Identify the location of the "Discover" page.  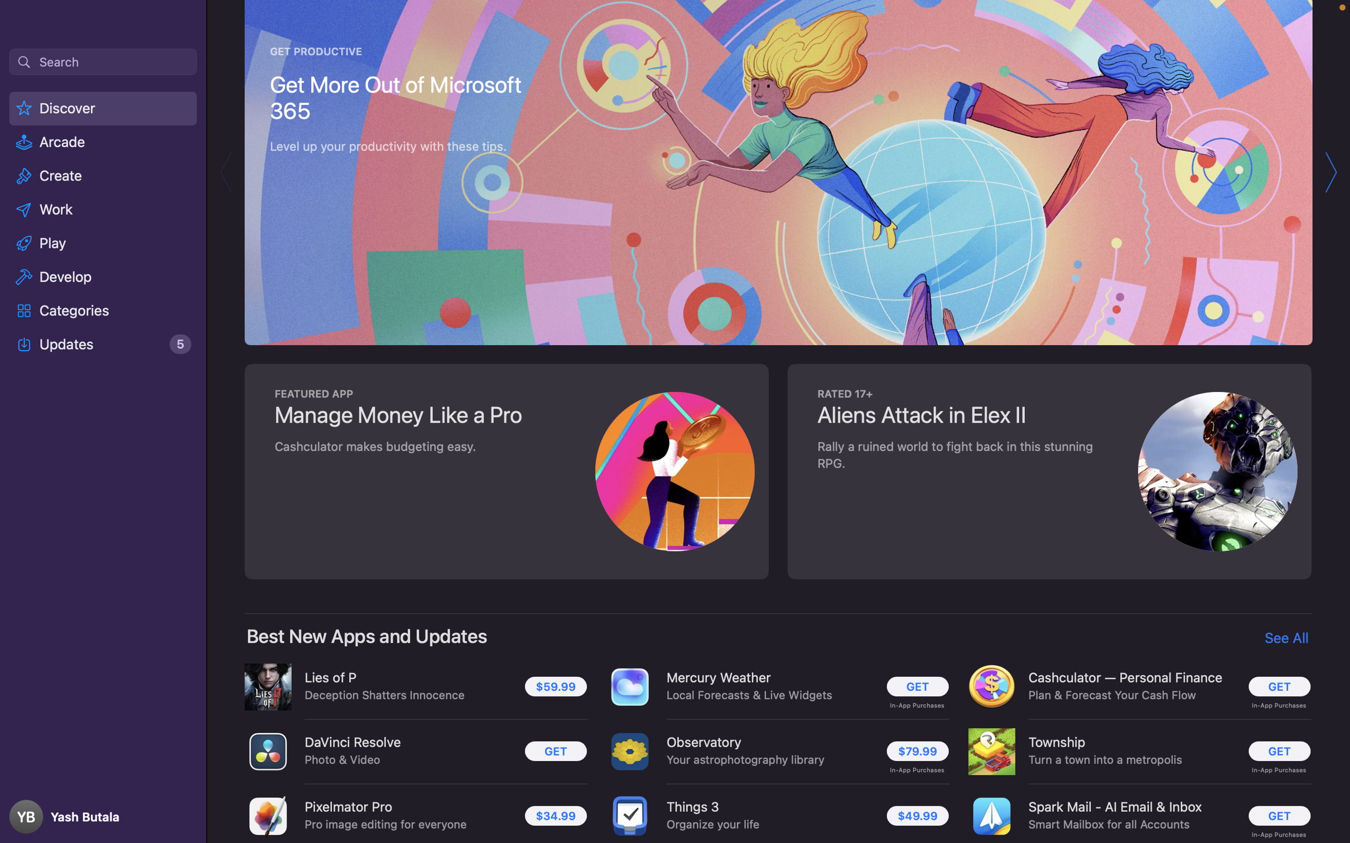
(104, 110).